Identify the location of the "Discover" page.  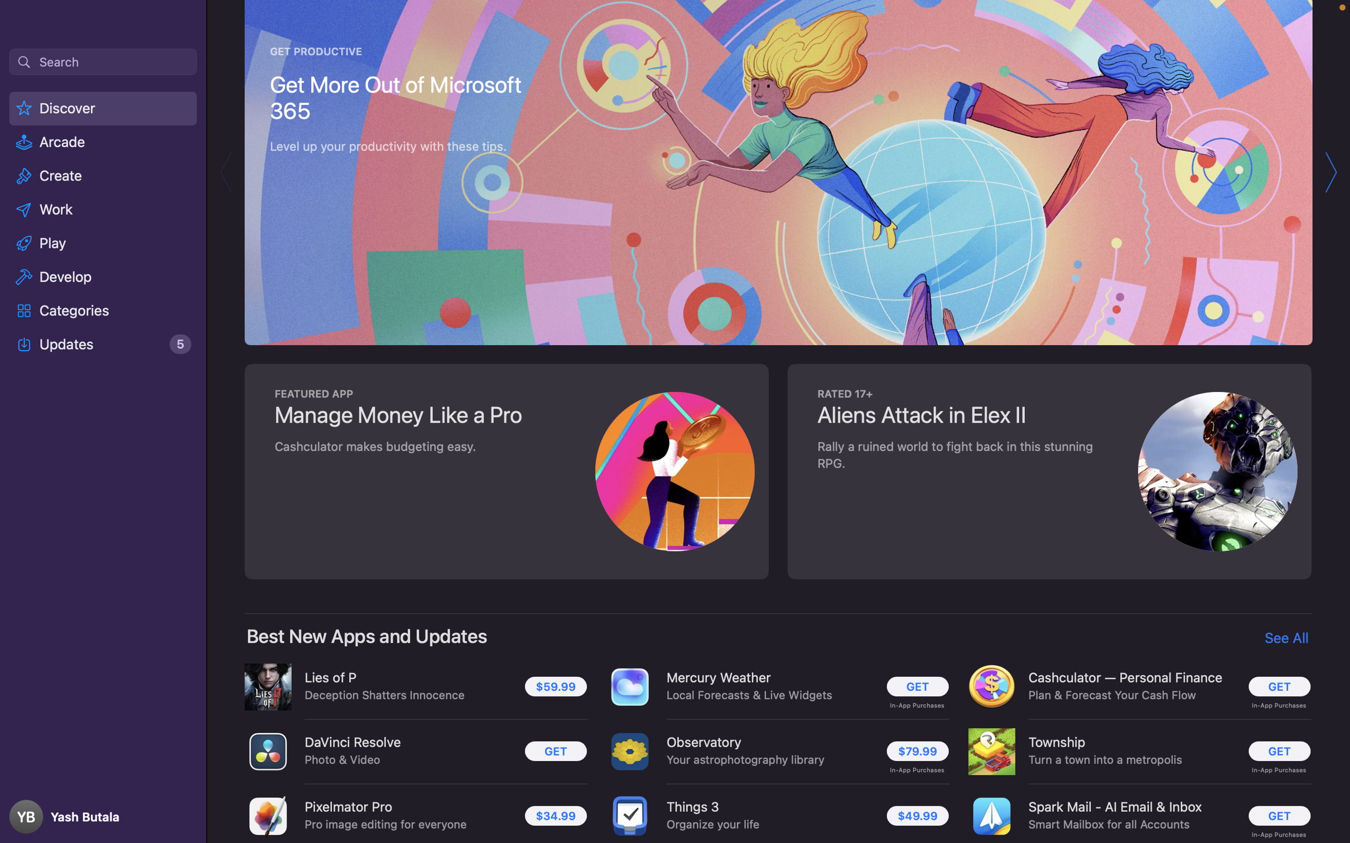
(104, 110).